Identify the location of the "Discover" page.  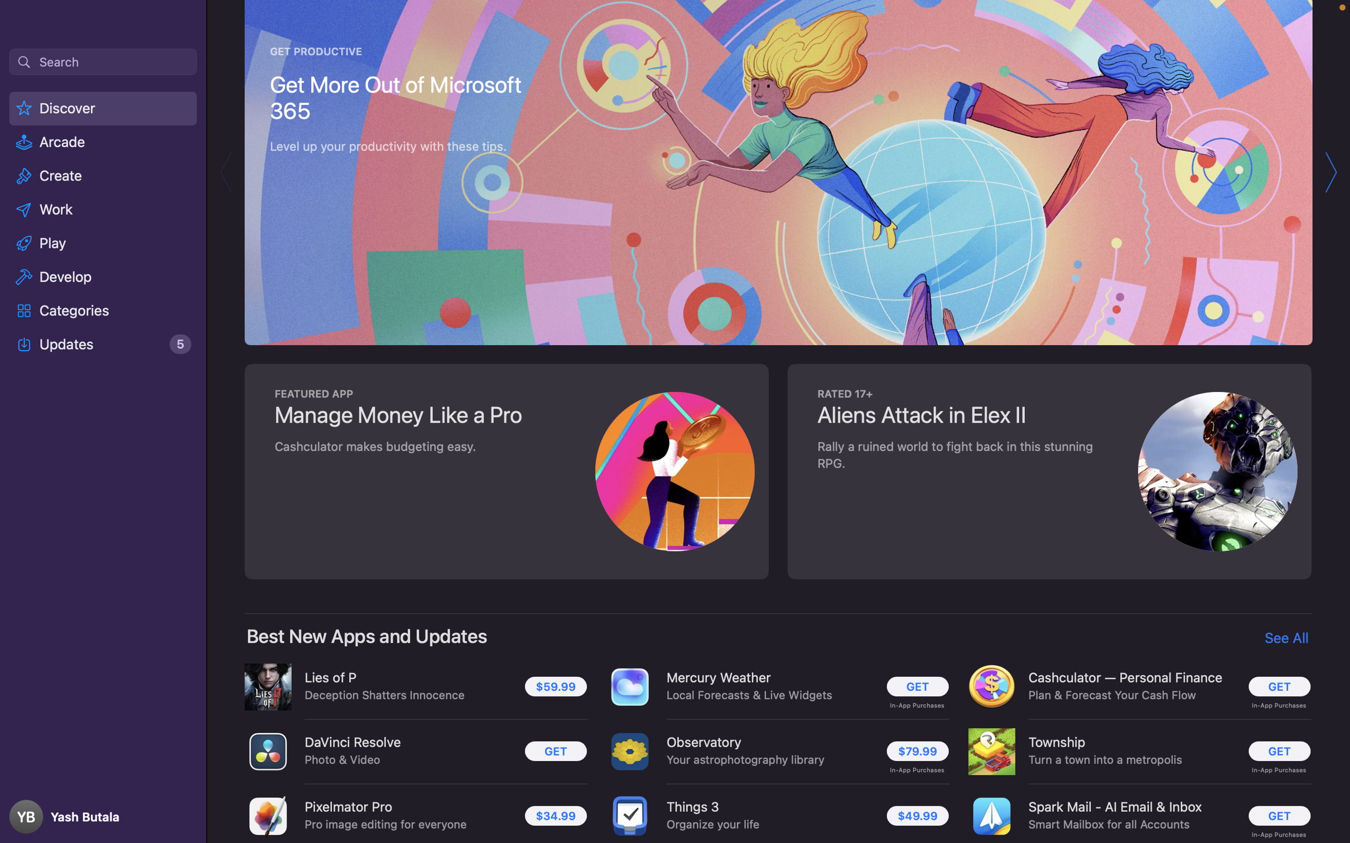
(104, 110).